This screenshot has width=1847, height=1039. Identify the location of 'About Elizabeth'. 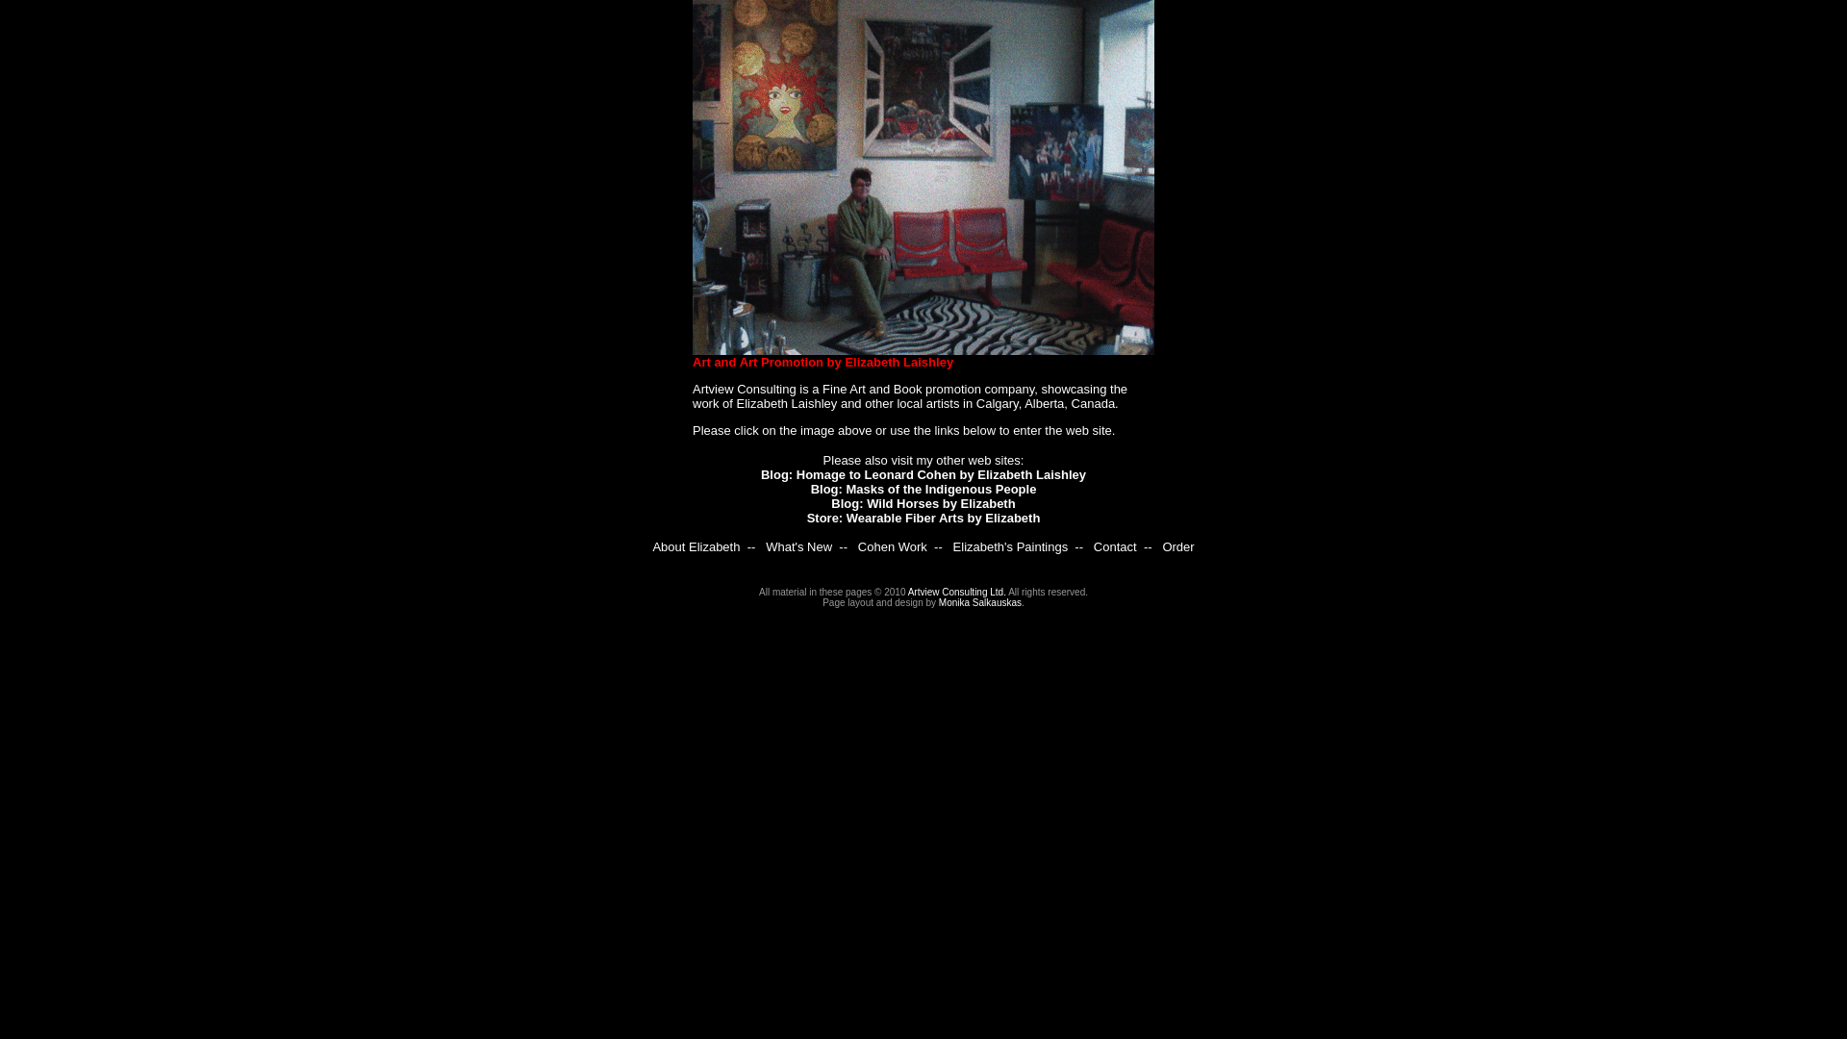
(695, 546).